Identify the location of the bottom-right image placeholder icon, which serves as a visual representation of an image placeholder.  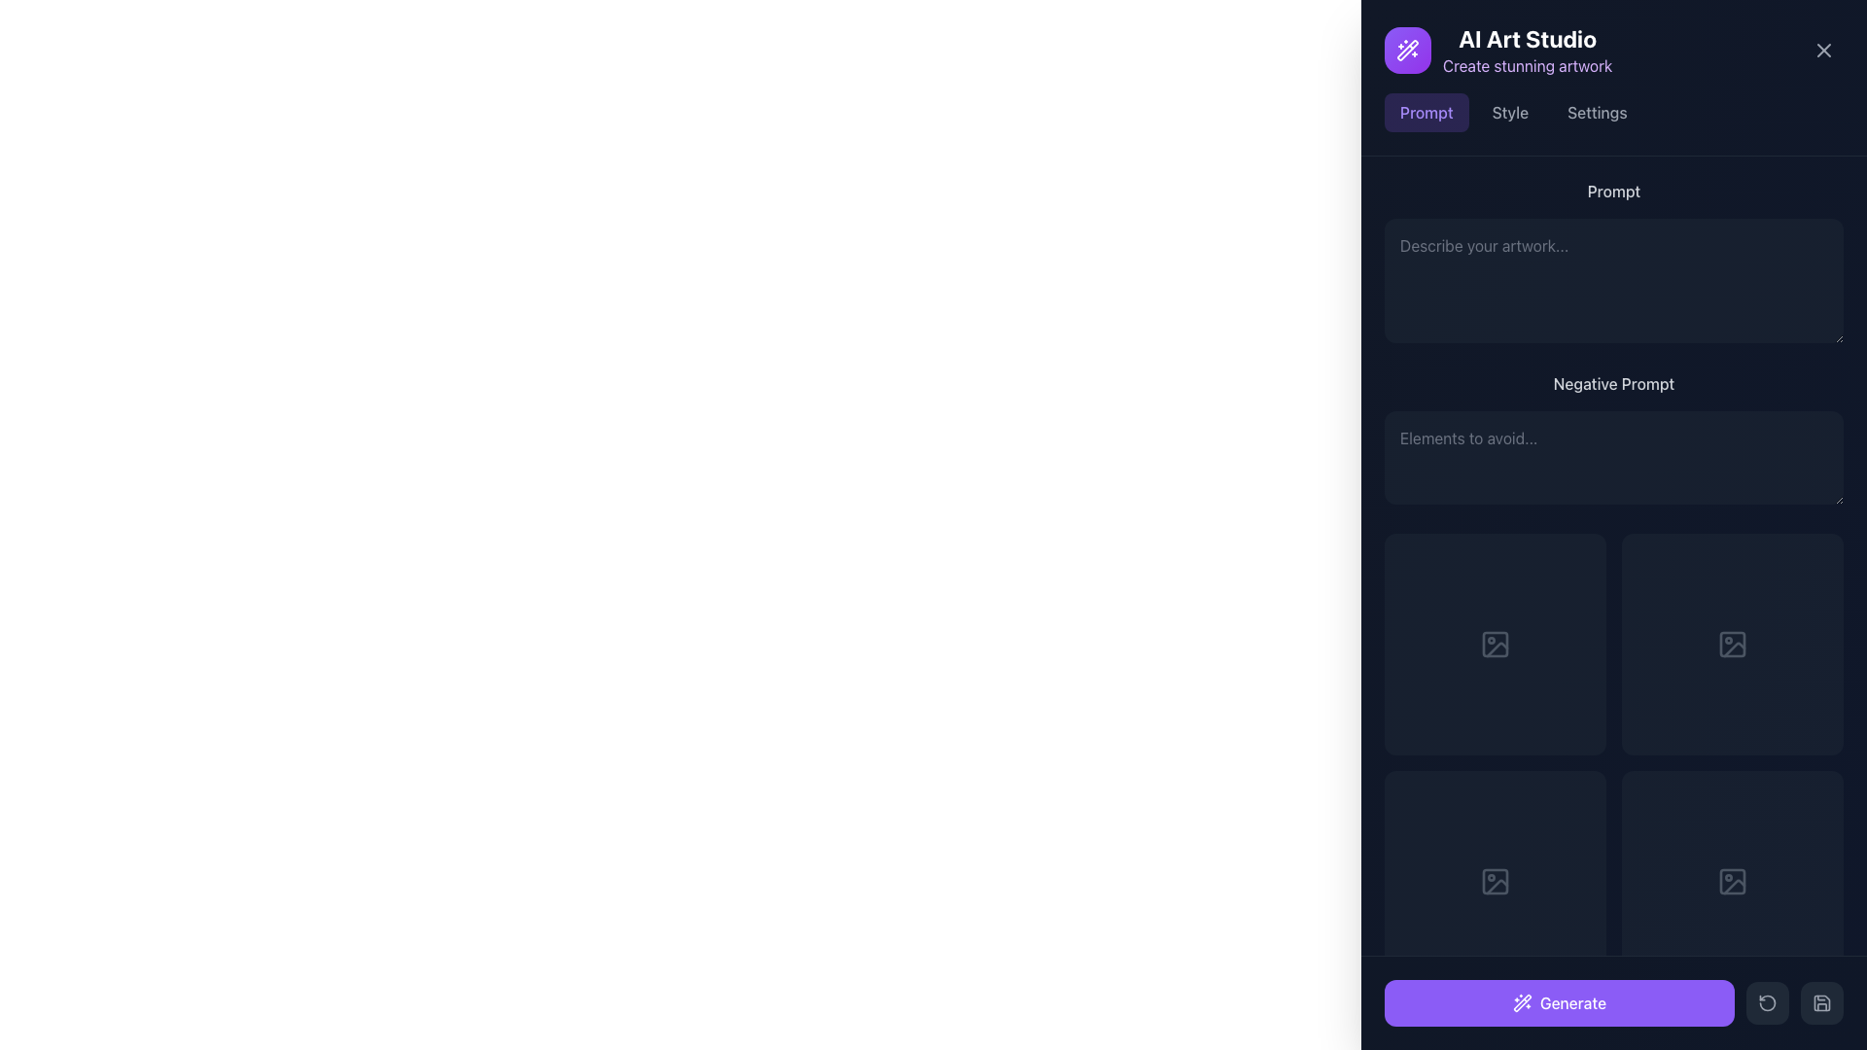
(1732, 645).